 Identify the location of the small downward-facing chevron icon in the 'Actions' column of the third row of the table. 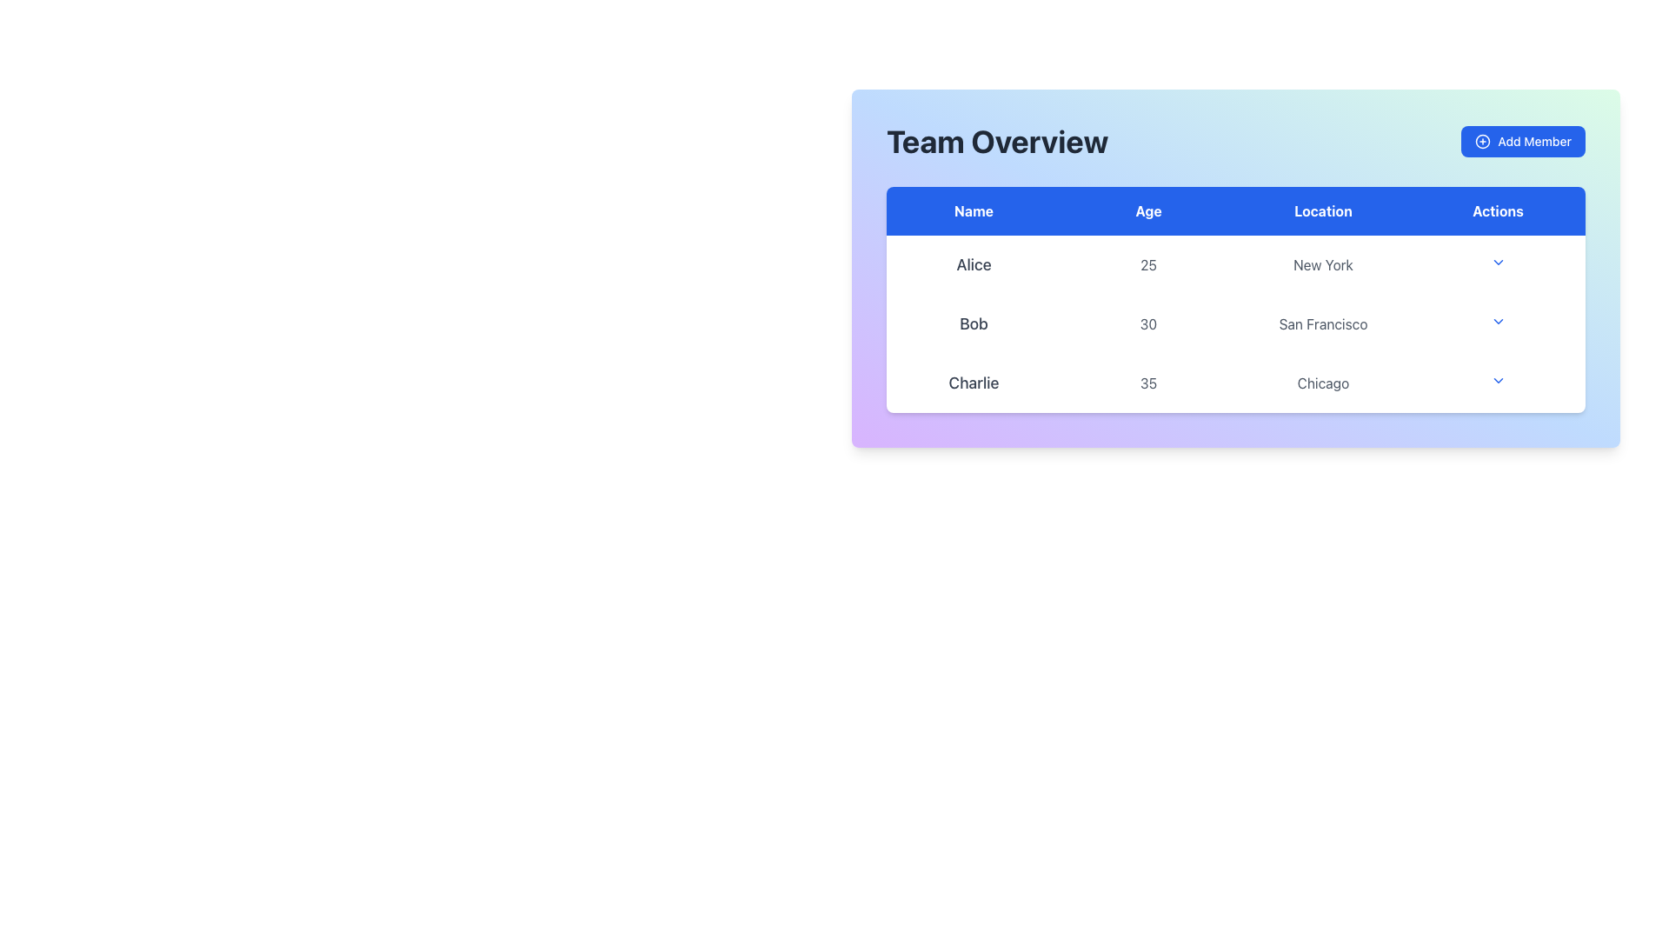
(1497, 380).